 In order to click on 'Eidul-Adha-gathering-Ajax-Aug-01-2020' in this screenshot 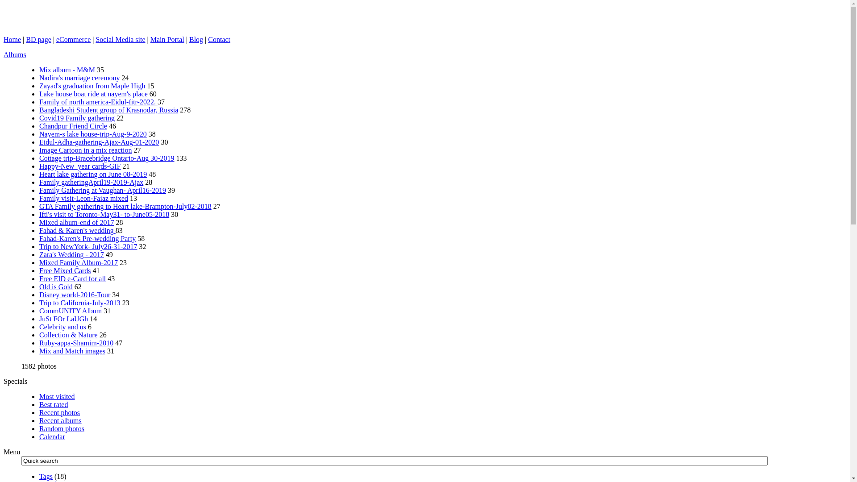, I will do `click(99, 141)`.